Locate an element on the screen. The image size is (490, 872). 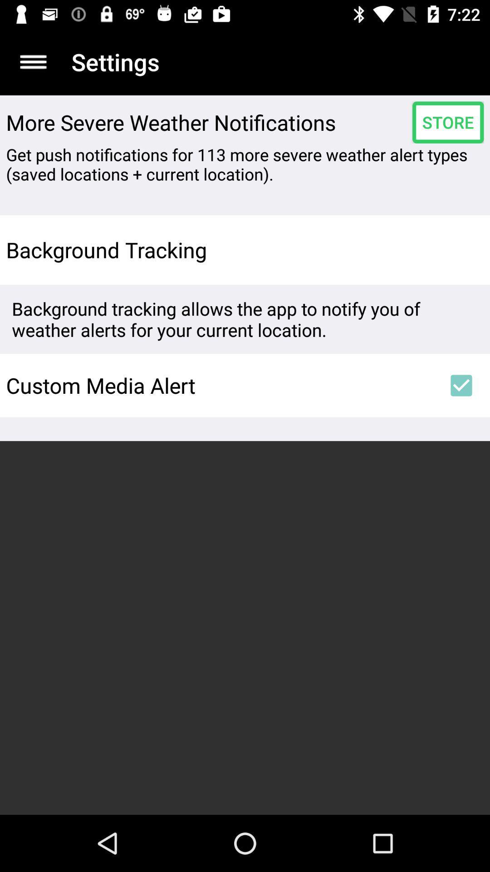
the item below the get push notifications is located at coordinates (461, 250).